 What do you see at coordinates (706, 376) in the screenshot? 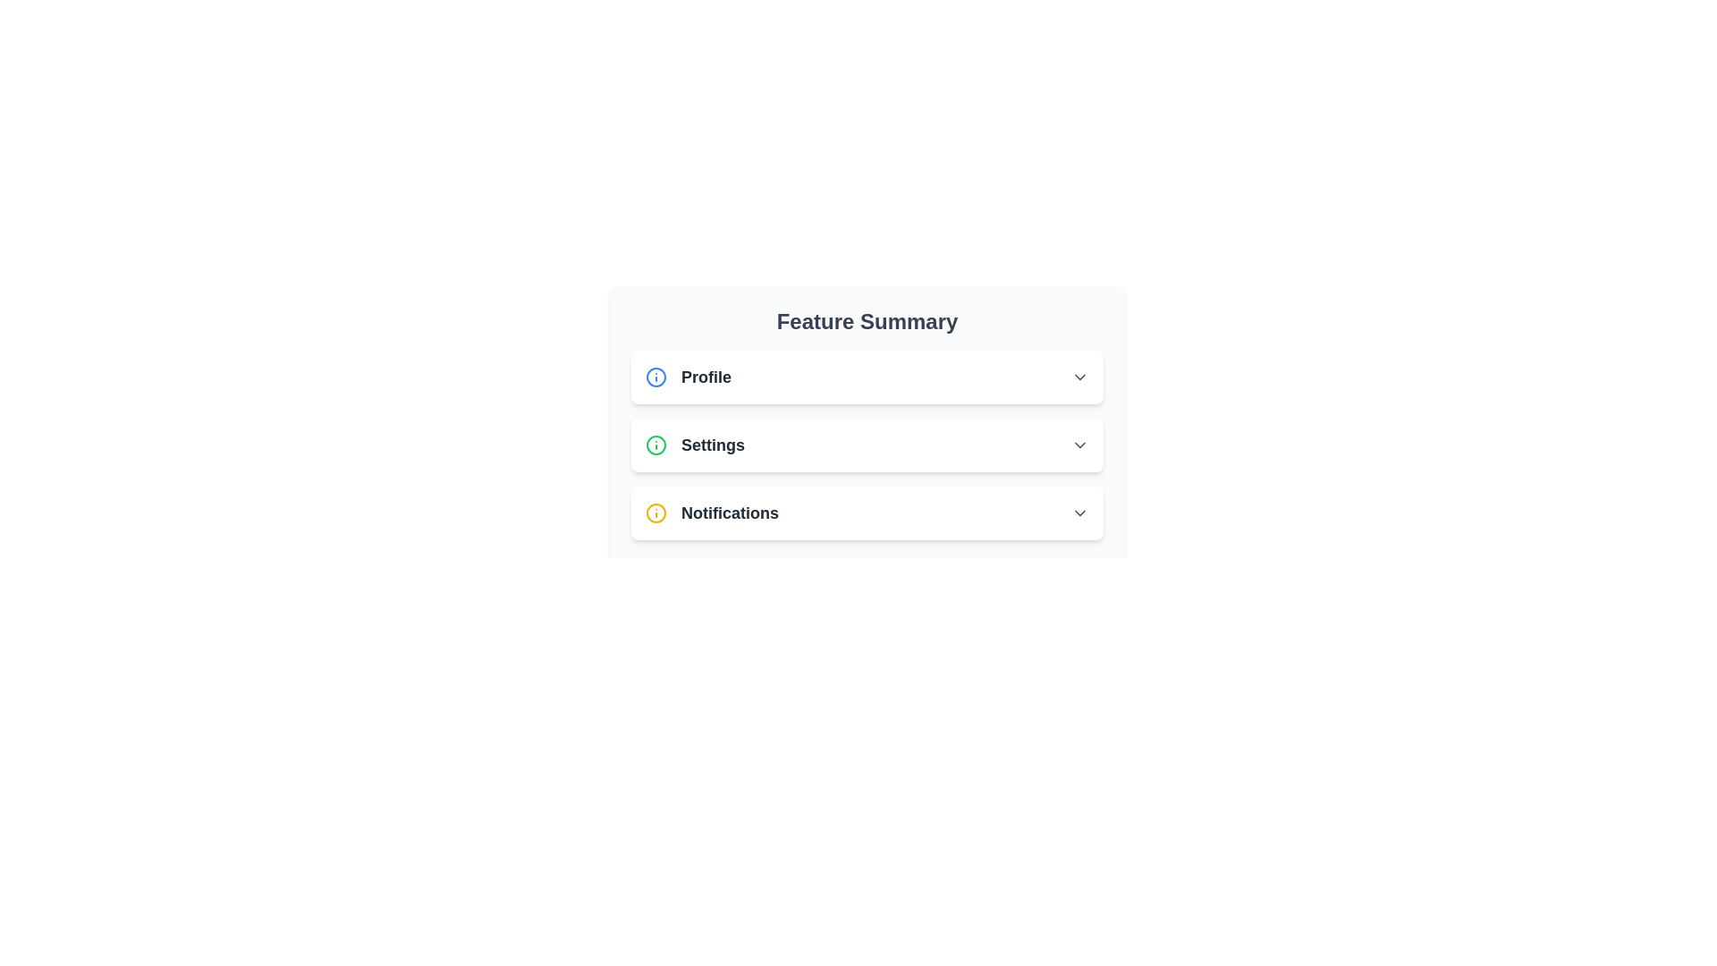
I see `the 'Profile' text label, which is a large, bold, gray-colored label positioned to the right of an icon in a panel below the 'Feature Summary' heading` at bounding box center [706, 376].